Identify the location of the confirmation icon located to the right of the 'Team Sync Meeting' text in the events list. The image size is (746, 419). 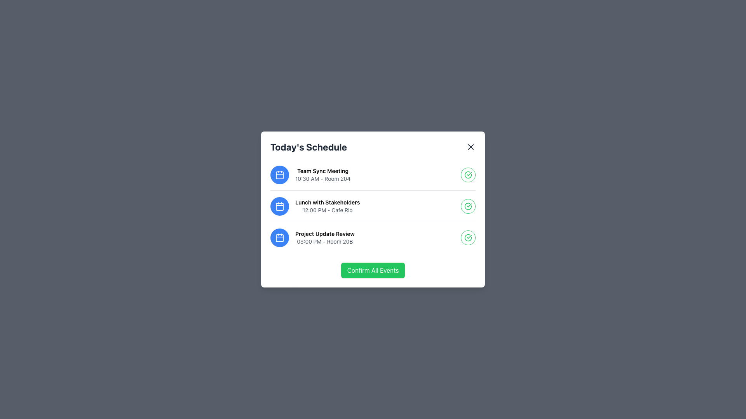
(467, 175).